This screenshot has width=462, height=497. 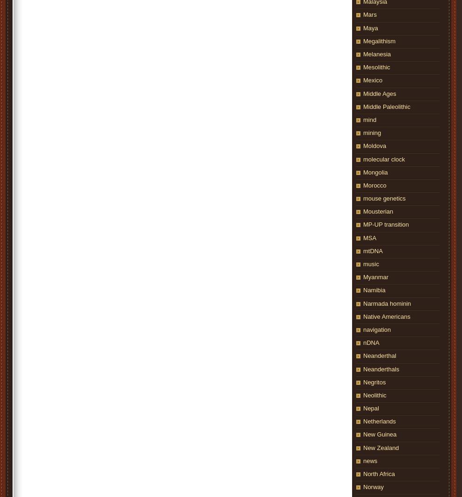 What do you see at coordinates (371, 343) in the screenshot?
I see `'nDNA'` at bounding box center [371, 343].